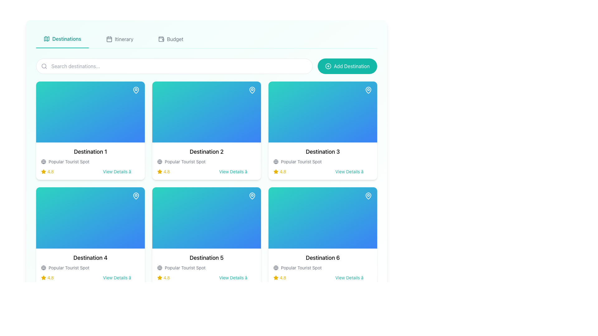 The image size is (598, 336). I want to click on the sixth interactive card located at the bottom-right corner of the grid, so click(323, 236).